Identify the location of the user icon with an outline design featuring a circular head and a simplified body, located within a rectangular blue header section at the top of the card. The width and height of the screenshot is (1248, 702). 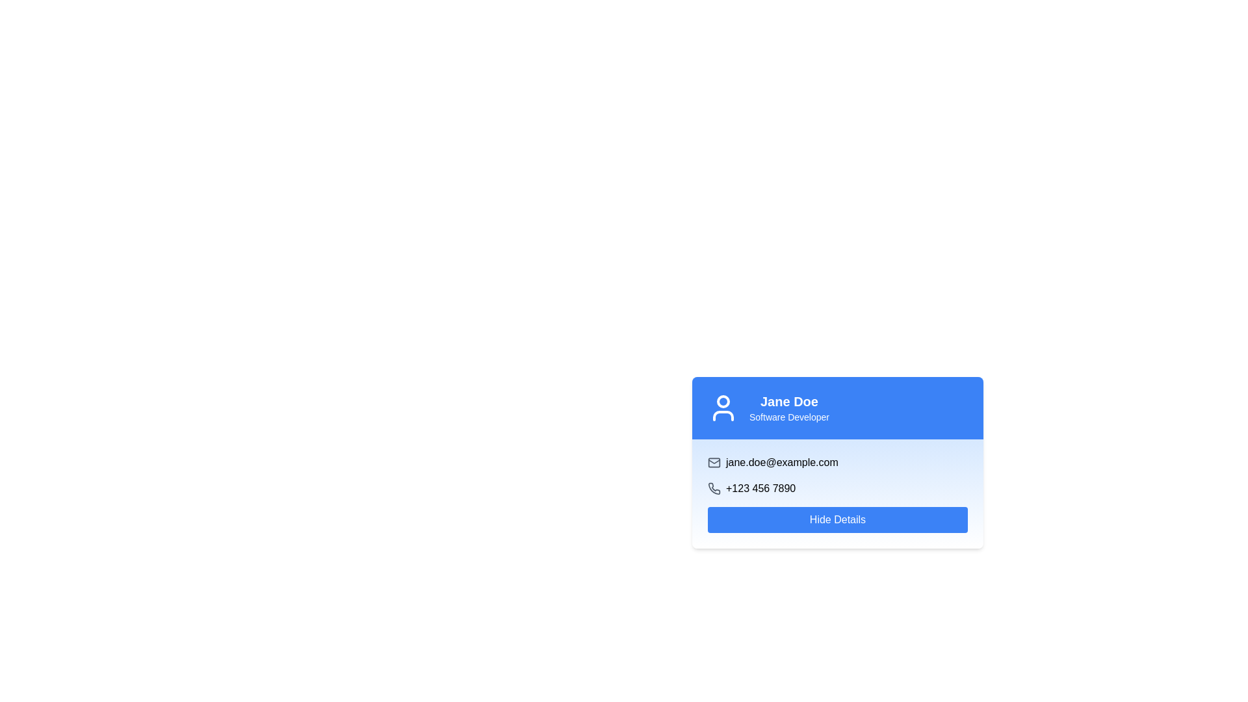
(723, 408).